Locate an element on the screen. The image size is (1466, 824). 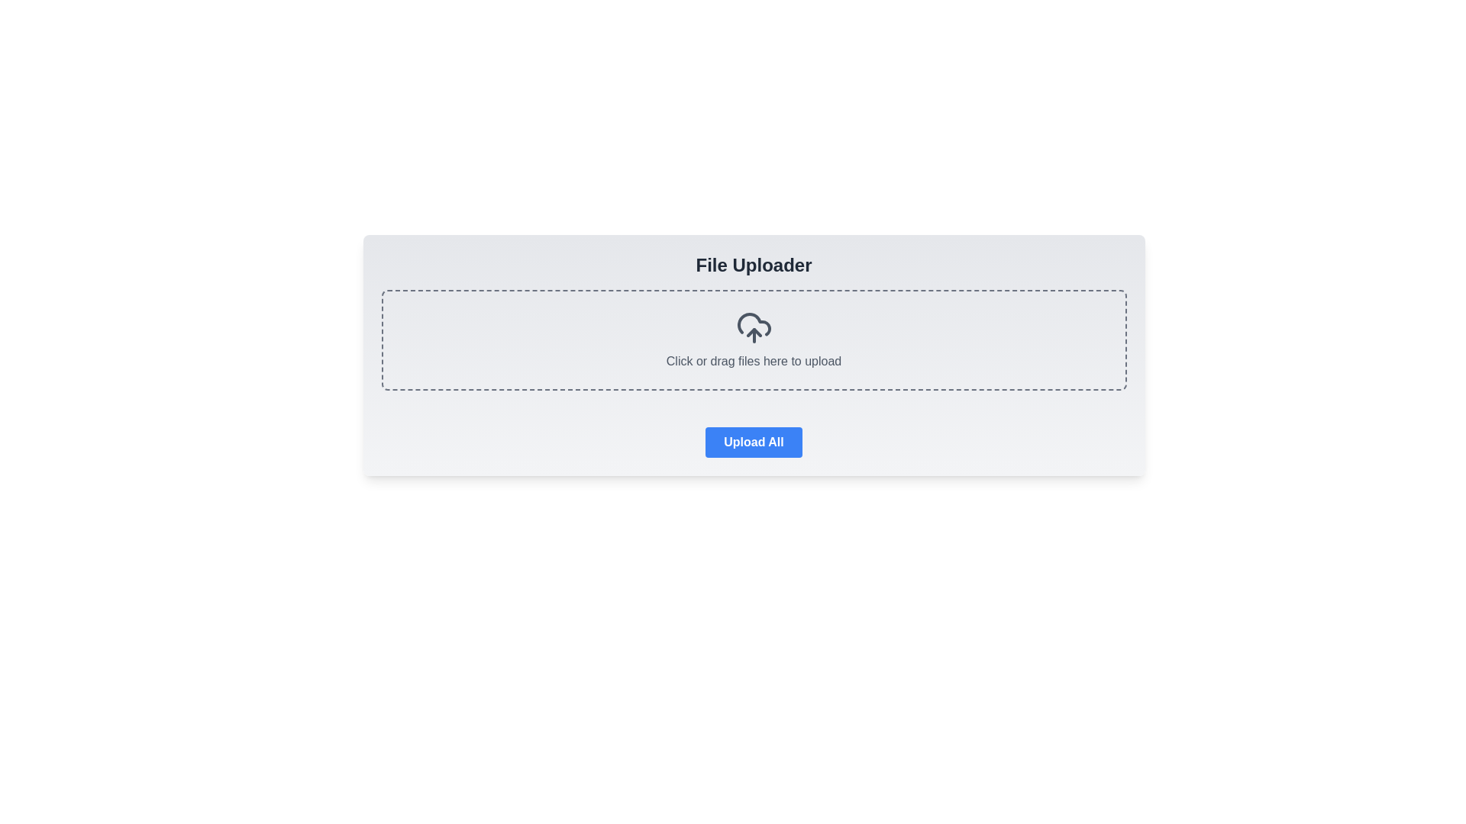
the upward-pointing triangular arrow icon, which serves as a visual indicator for file upload actions is located at coordinates (754, 331).